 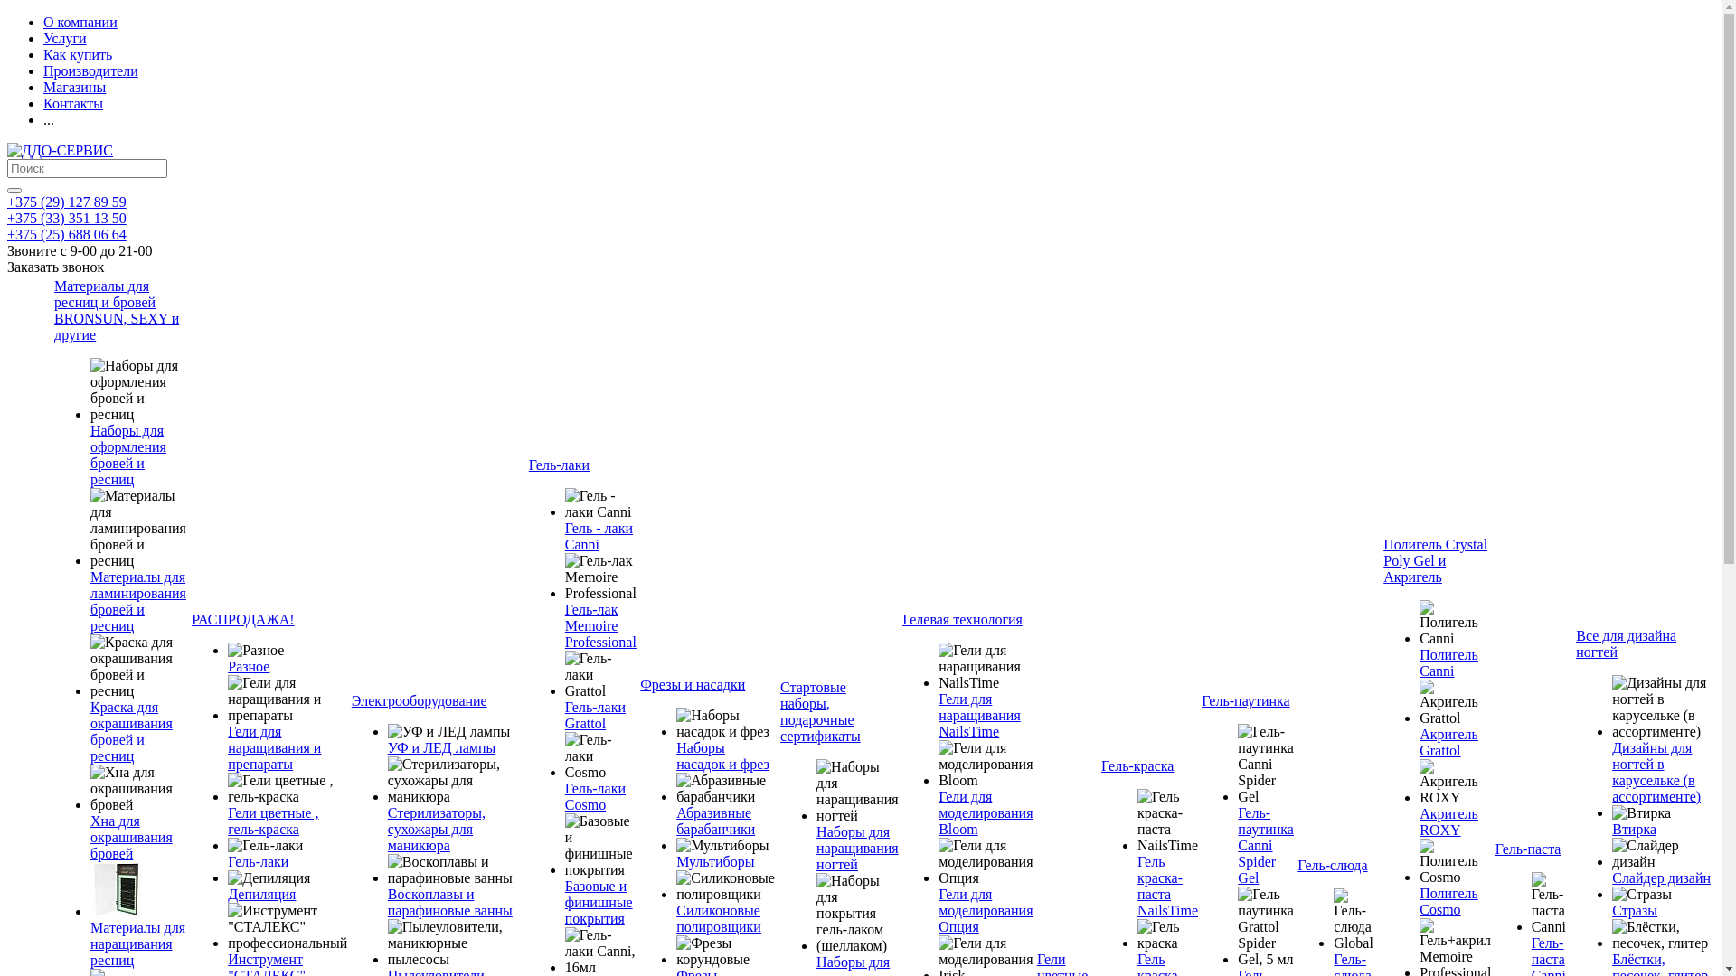 What do you see at coordinates (66, 202) in the screenshot?
I see `'+375 (29) 127 89 59'` at bounding box center [66, 202].